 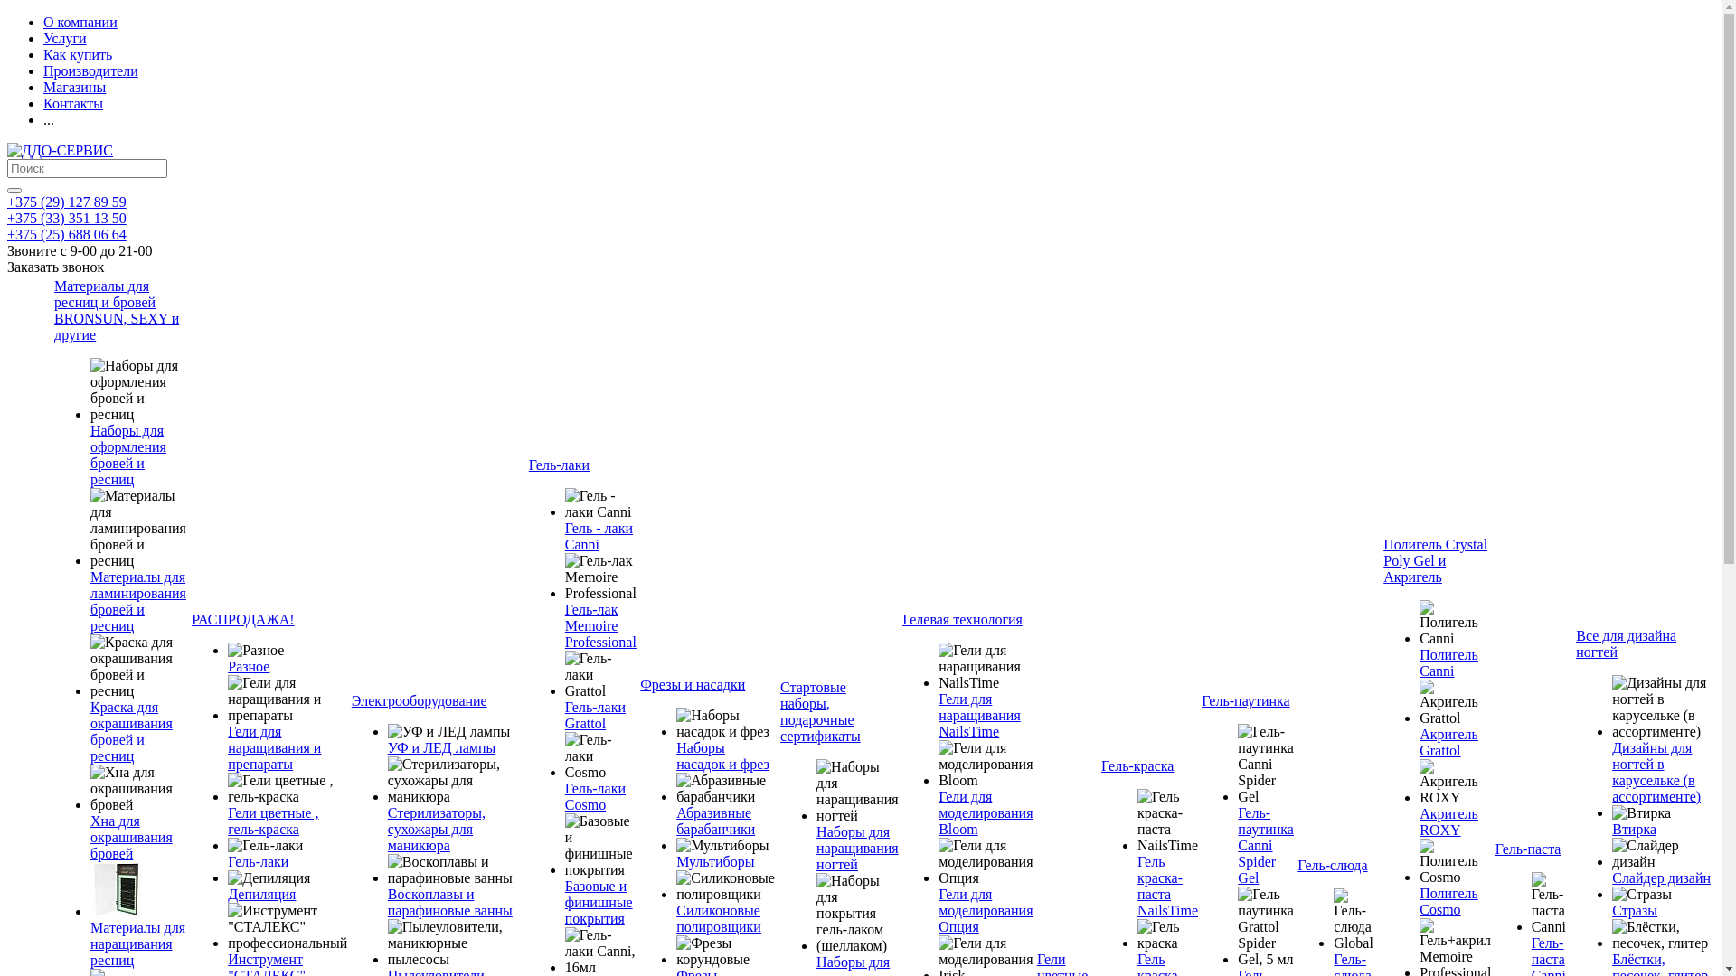 What do you see at coordinates (66, 202) in the screenshot?
I see `'+375 (29) 127 89 59'` at bounding box center [66, 202].